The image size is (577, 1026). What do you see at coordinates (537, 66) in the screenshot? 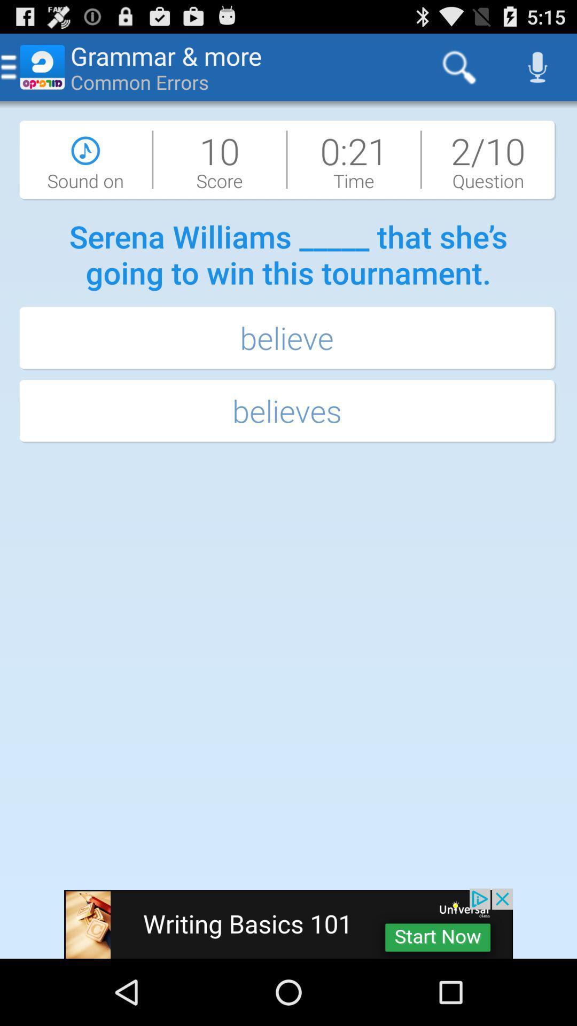
I see `the speaker` at bounding box center [537, 66].